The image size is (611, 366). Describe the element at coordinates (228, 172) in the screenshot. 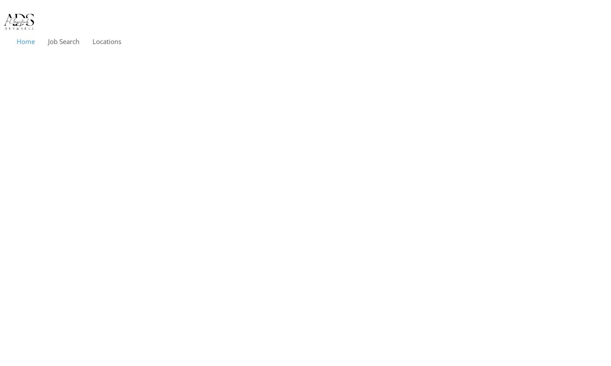

I see `'Shop & Sell anytime, anywhere and for FREE.'` at that location.